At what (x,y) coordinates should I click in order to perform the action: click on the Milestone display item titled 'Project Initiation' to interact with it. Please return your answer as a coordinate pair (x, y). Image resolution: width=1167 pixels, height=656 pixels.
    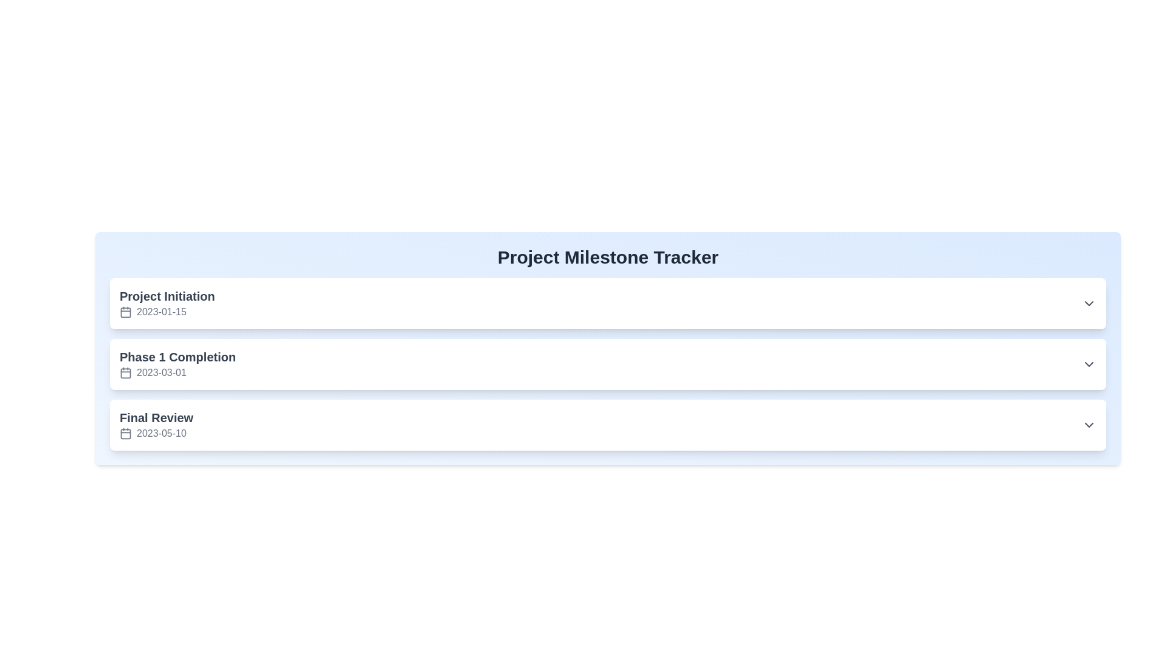
    Looking at the image, I should click on (167, 303).